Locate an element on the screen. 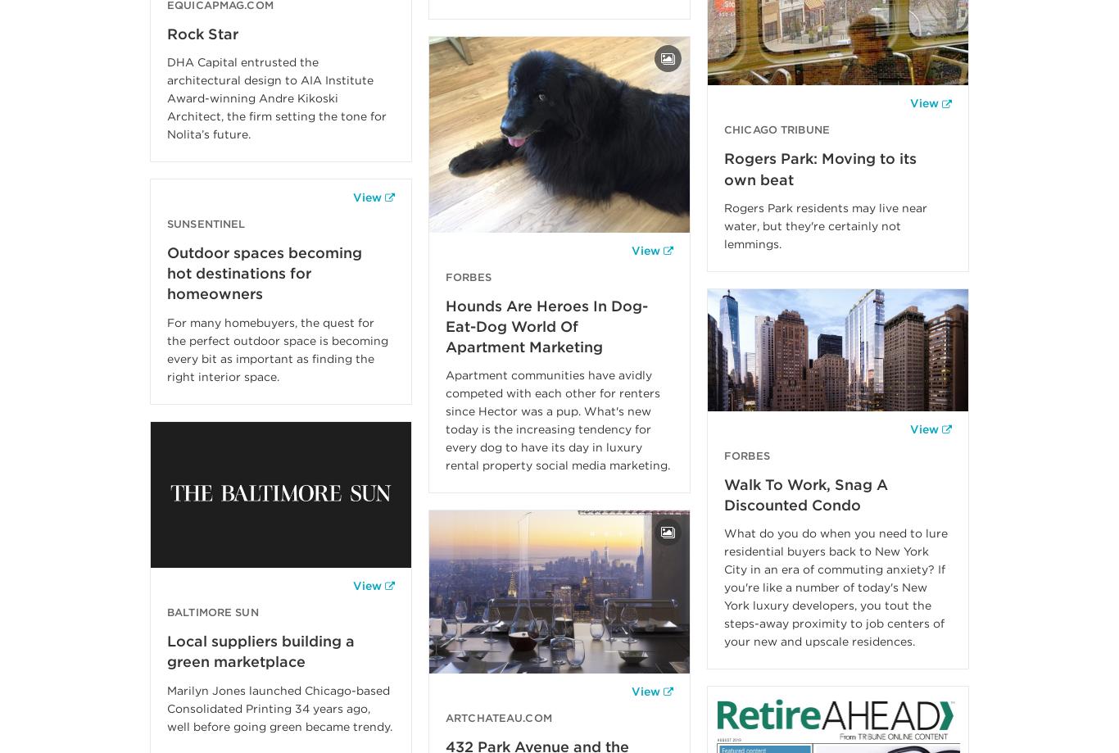 The image size is (1119, 753). 'Rogers Park residents may live near water, but they're certainly not lemmings.' is located at coordinates (825, 225).